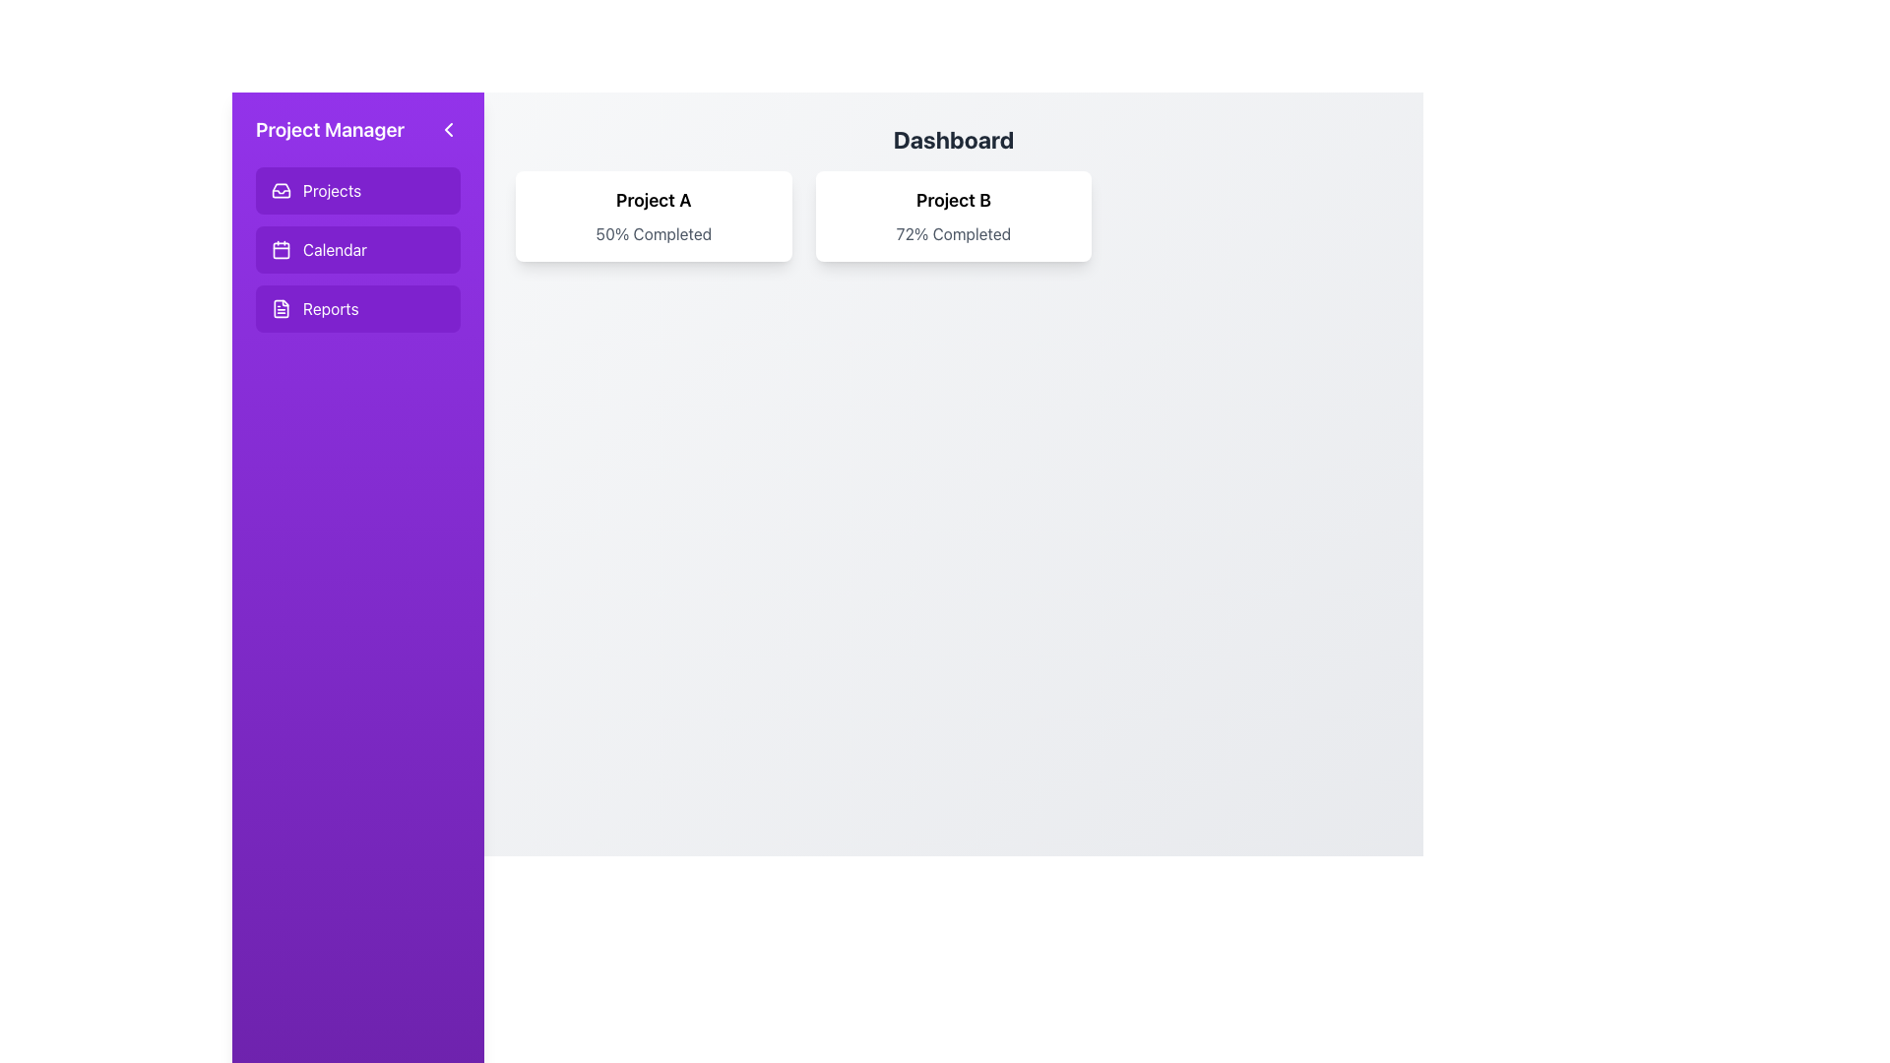 The width and height of the screenshot is (1890, 1063). What do you see at coordinates (448, 129) in the screenshot?
I see `the left-facing chevron button located in the top-right corner of the purple 'Project Manager' header bar` at bounding box center [448, 129].